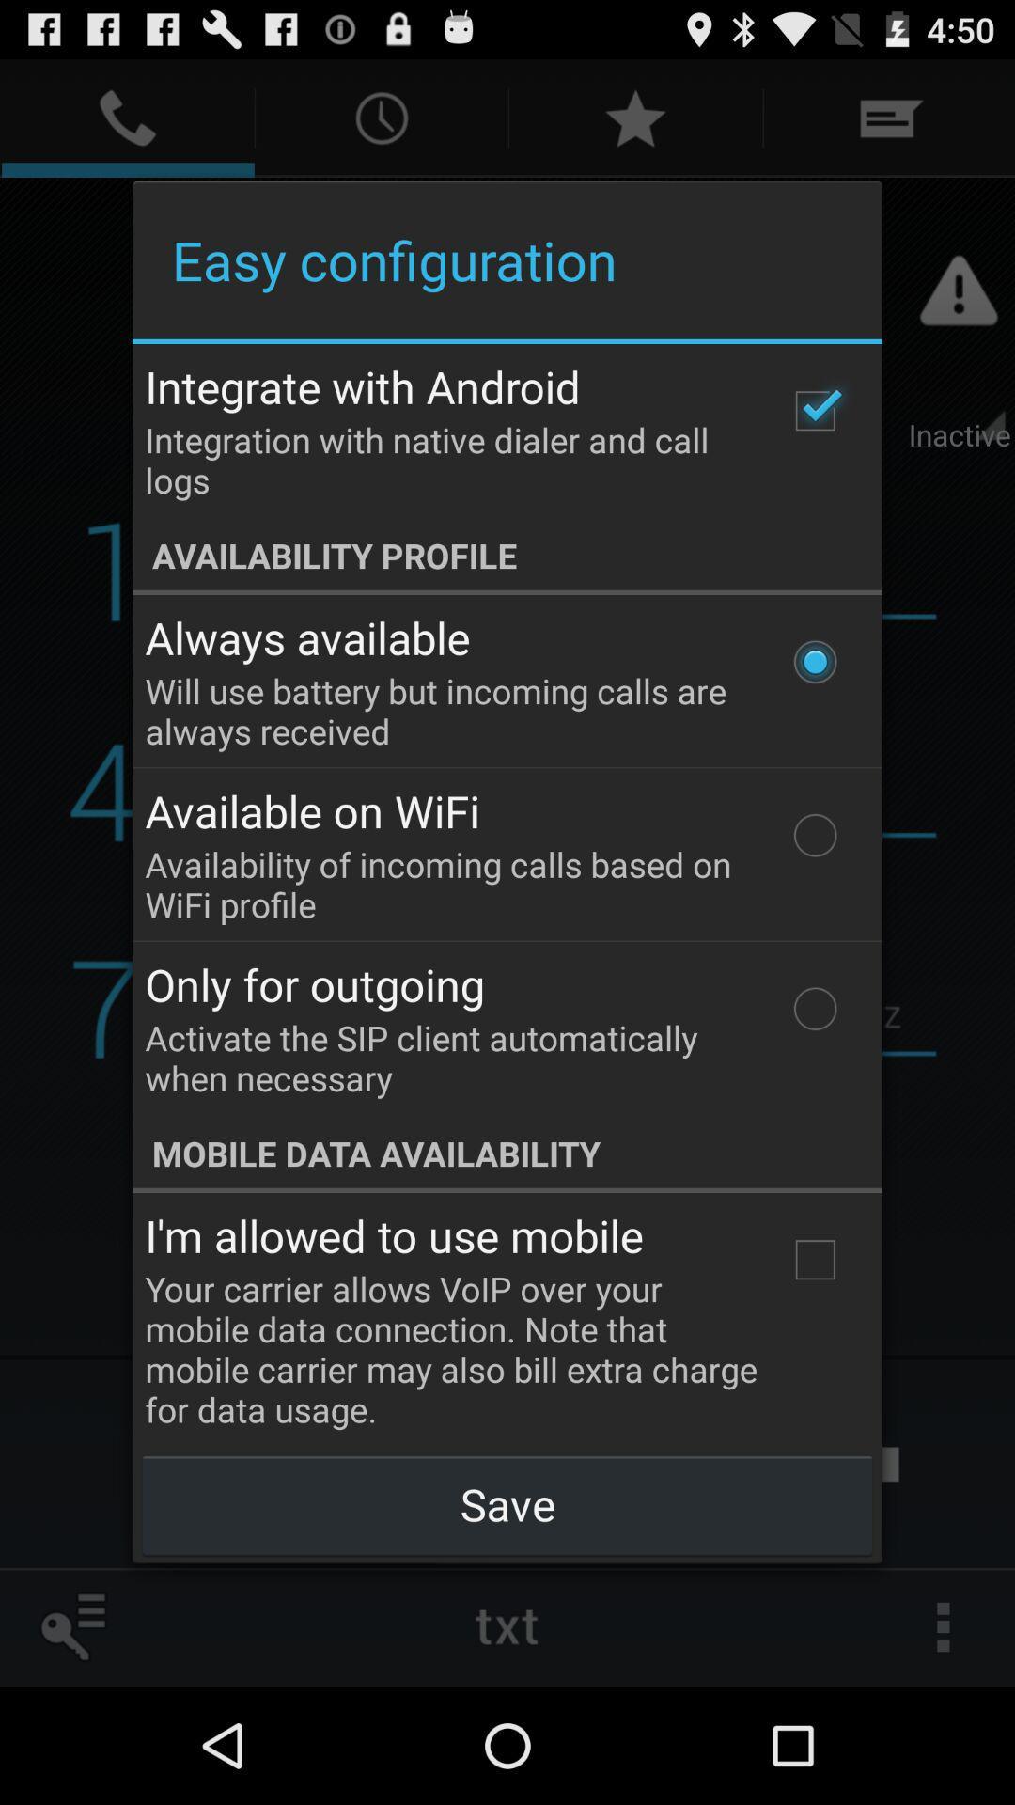 The height and width of the screenshot is (1805, 1015). What do you see at coordinates (814, 1260) in the screenshot?
I see `the icon to the right of the i m allowed item` at bounding box center [814, 1260].